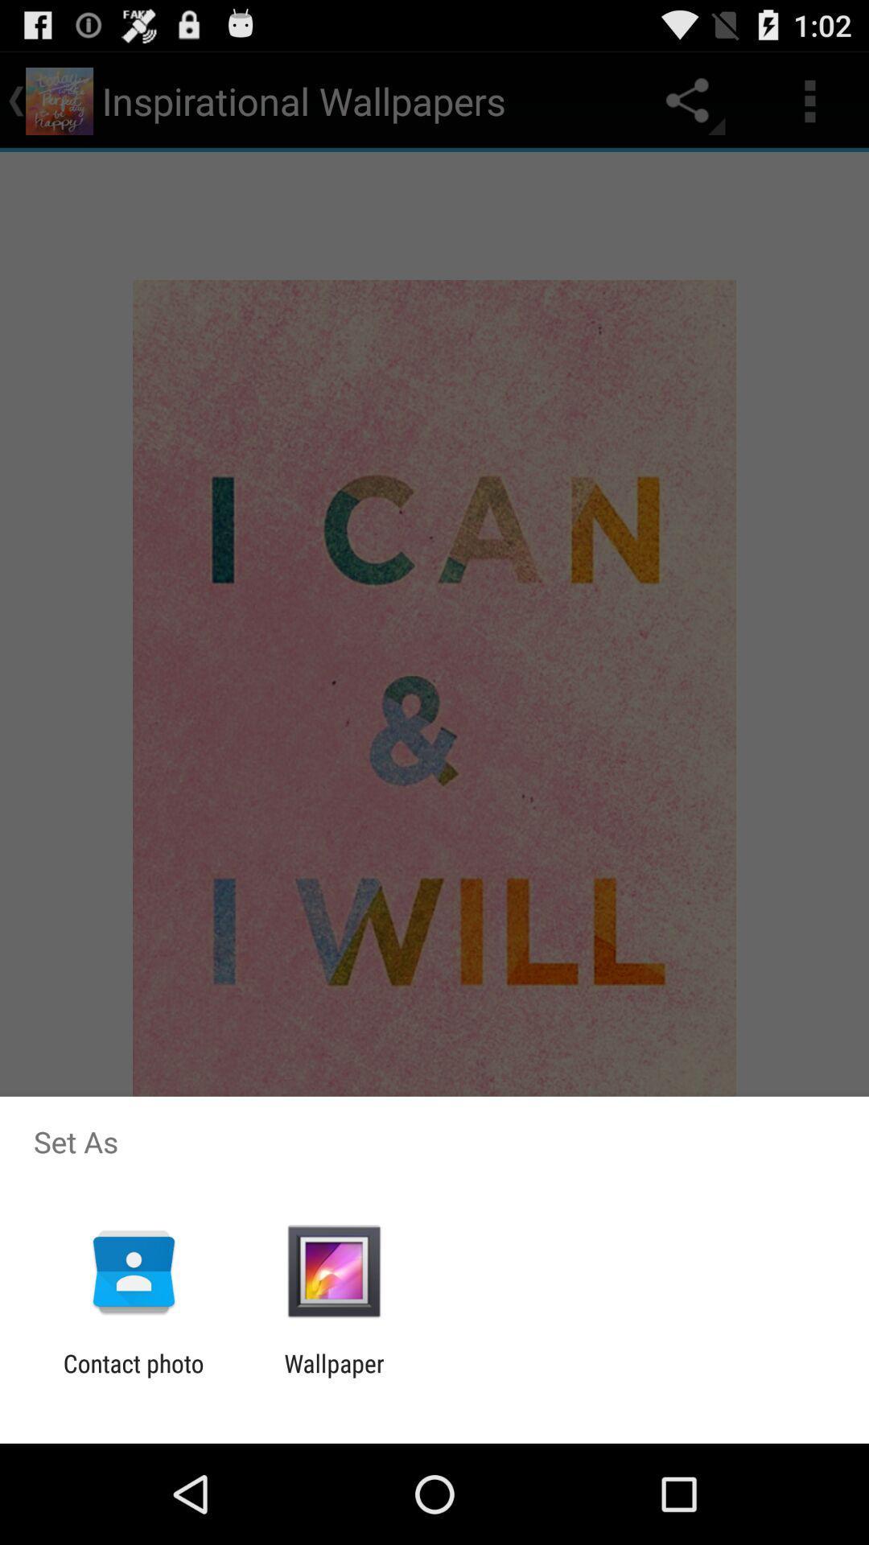 The height and width of the screenshot is (1545, 869). Describe the element at coordinates (133, 1377) in the screenshot. I see `contact photo` at that location.